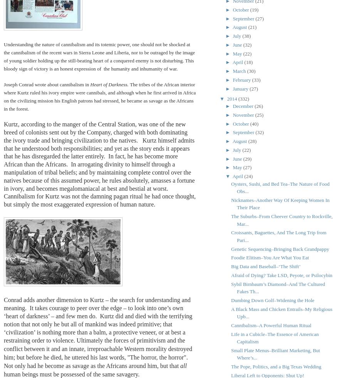 The width and height of the screenshot is (339, 378). Describe the element at coordinates (241, 88) in the screenshot. I see `'January'` at that location.